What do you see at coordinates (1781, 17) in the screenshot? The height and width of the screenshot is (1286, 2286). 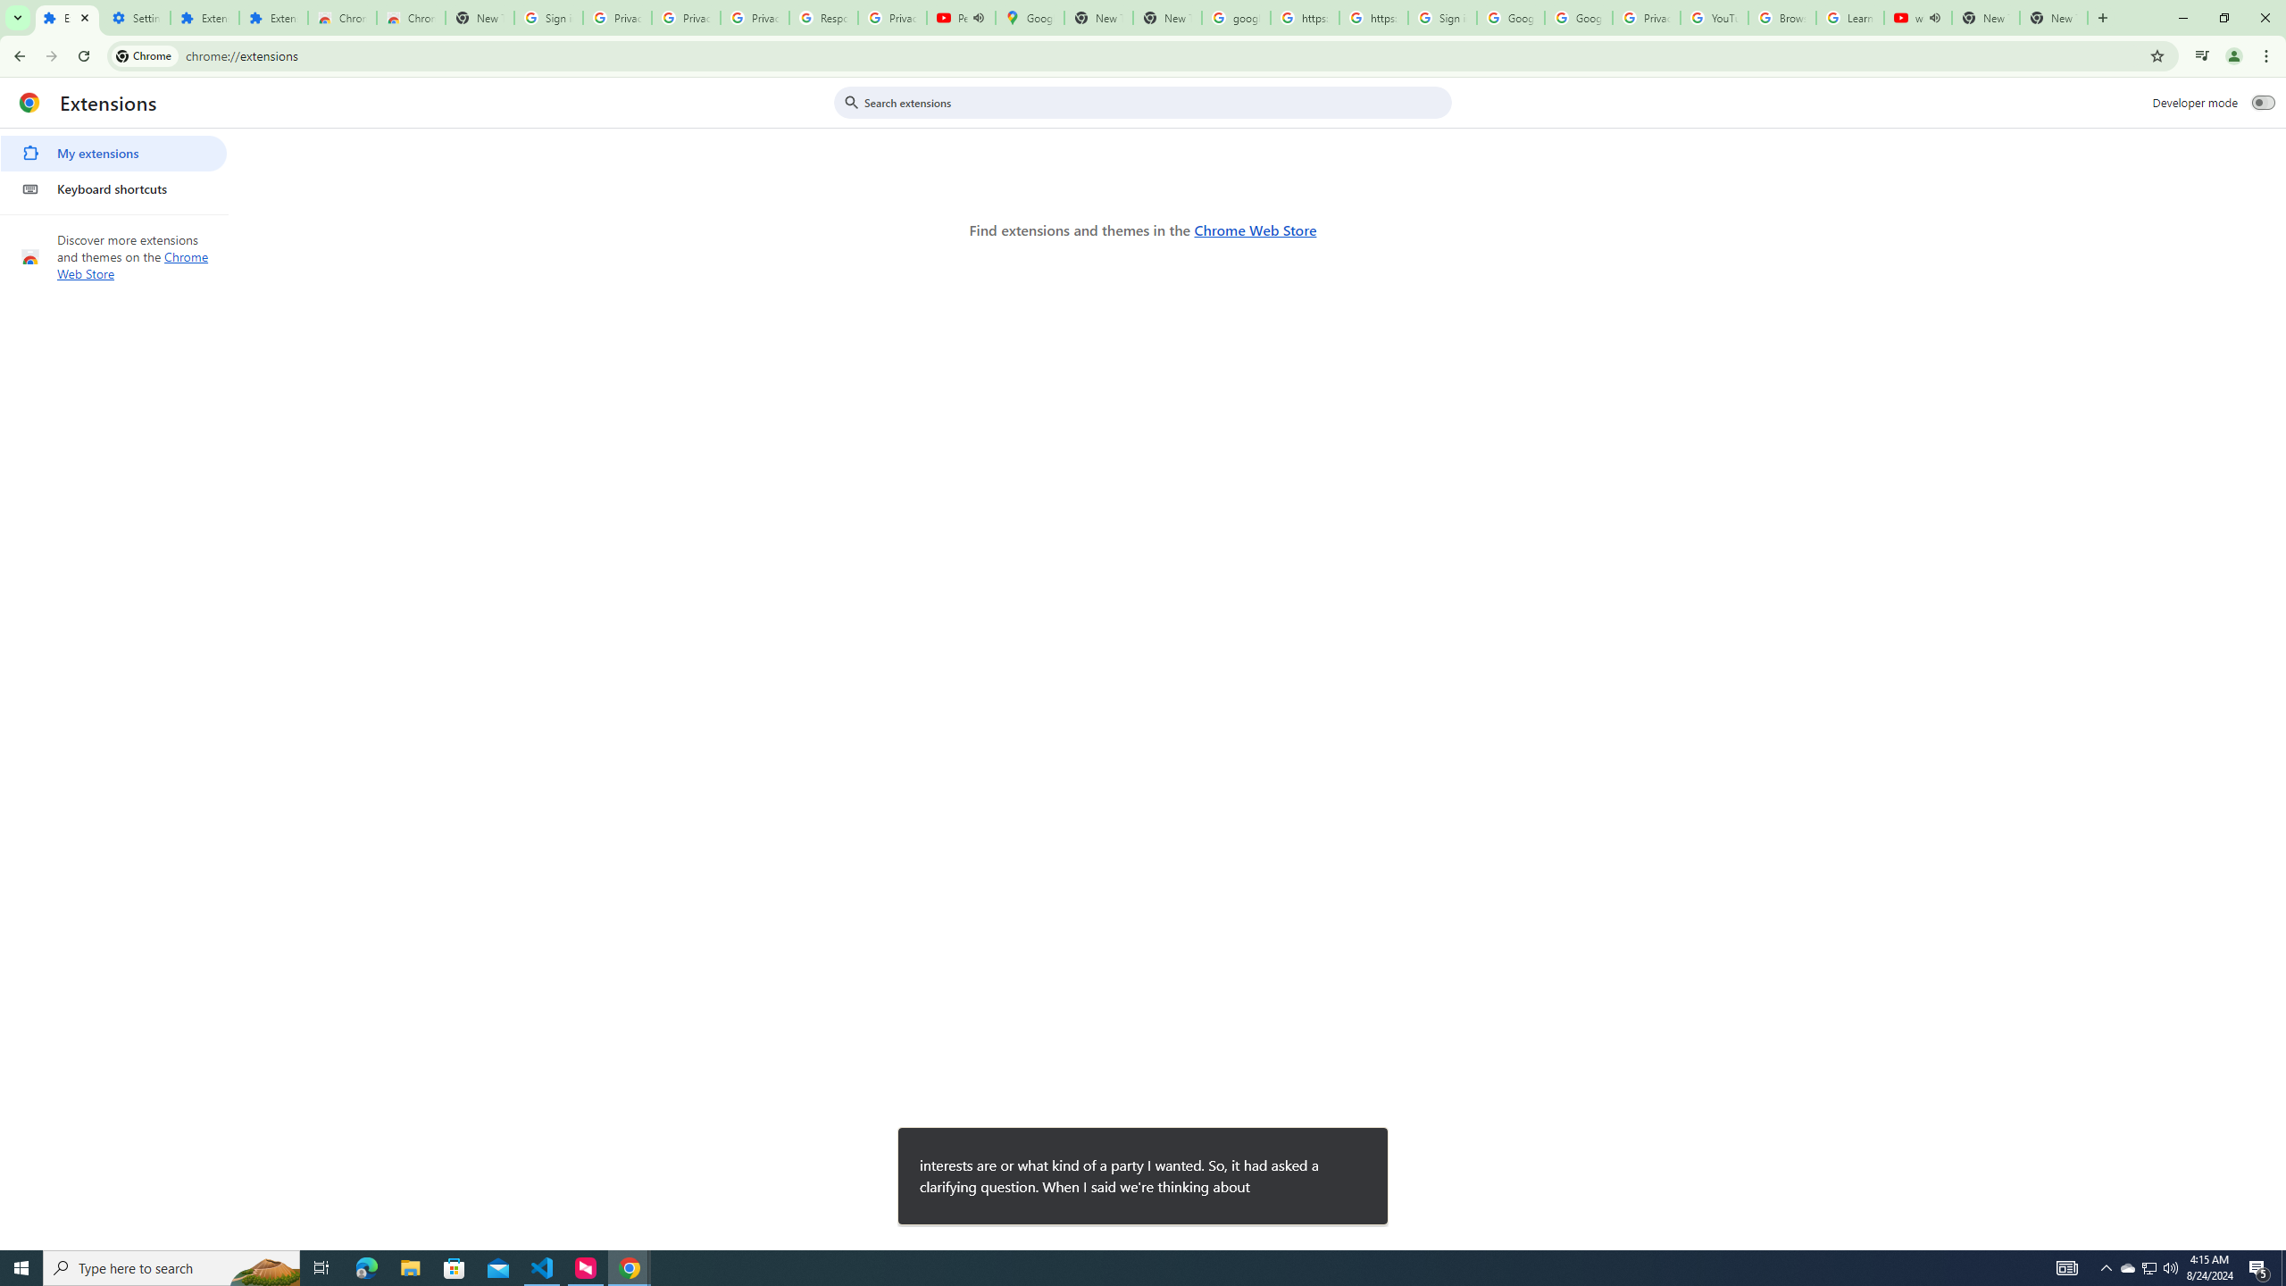 I see `'Browse Chrome as a guest - Computer - Google Chrome Help'` at bounding box center [1781, 17].